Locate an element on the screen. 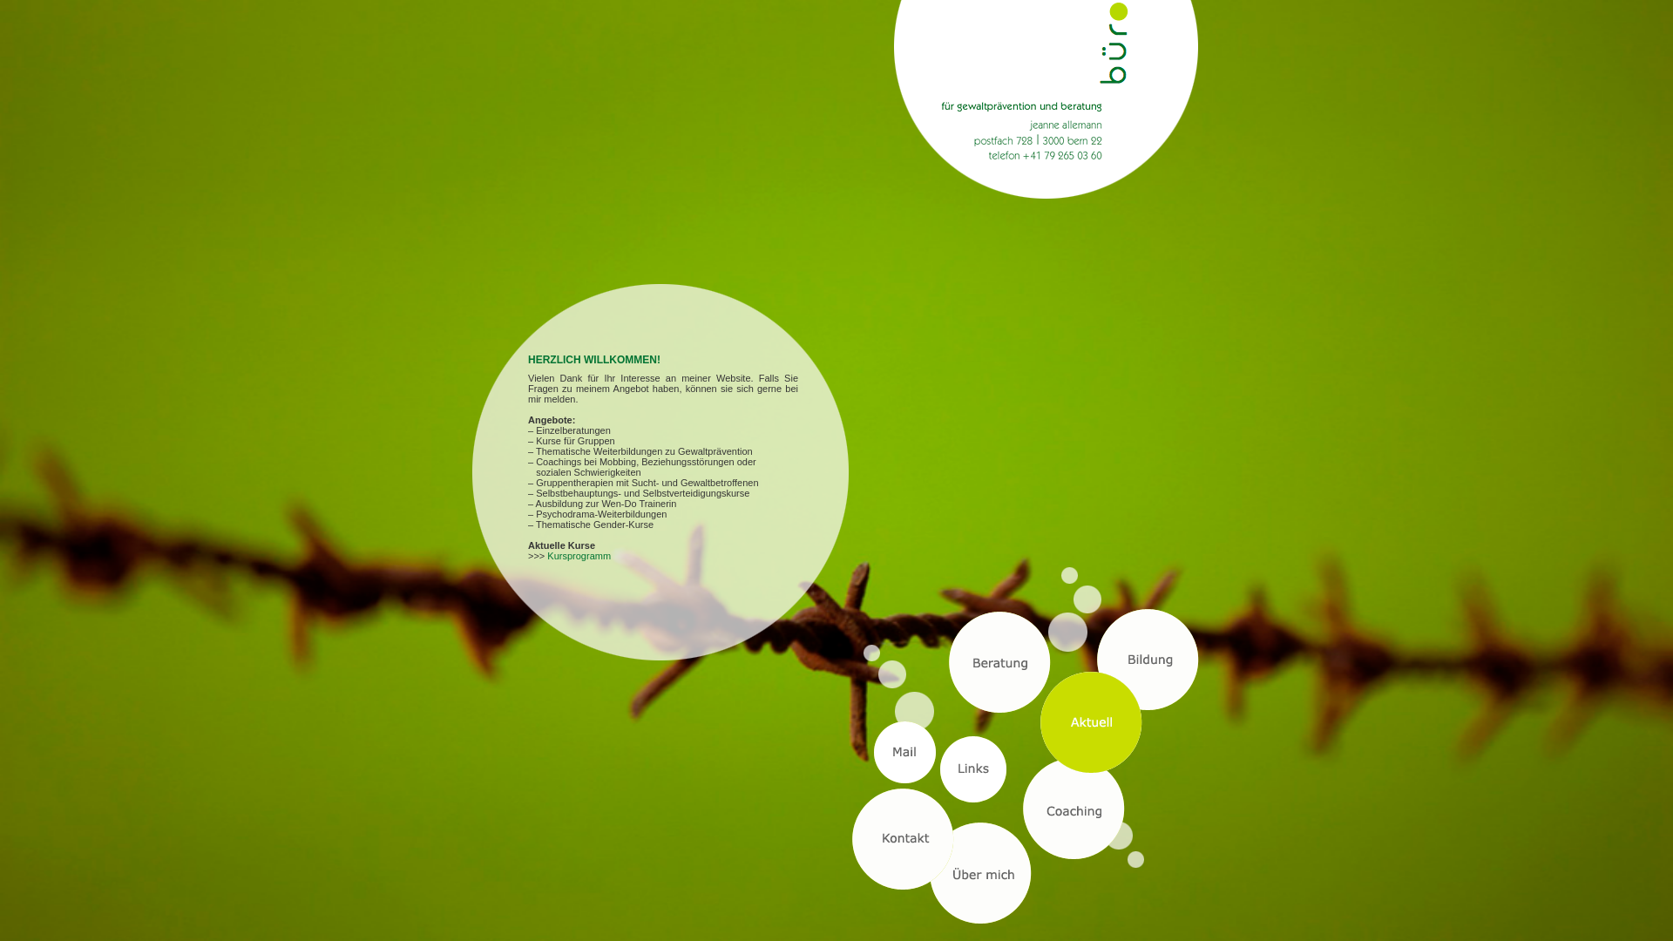  'Kursprogramm' is located at coordinates (579, 555).